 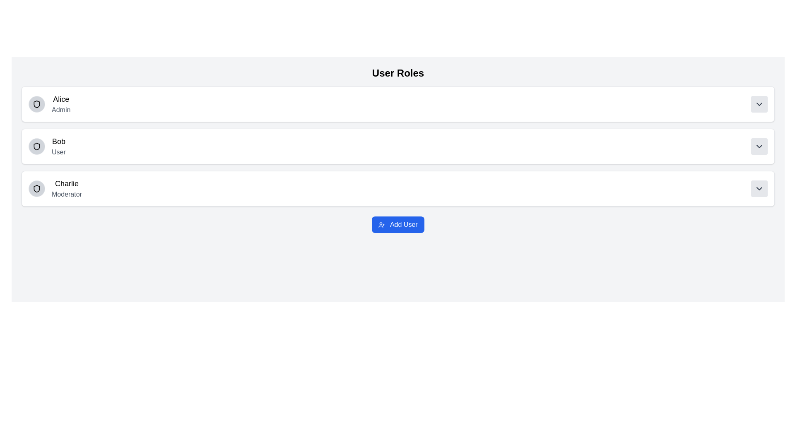 I want to click on the security icon located at the beginning of the user list items, adjacent to the user names and above their roles, so click(x=36, y=146).